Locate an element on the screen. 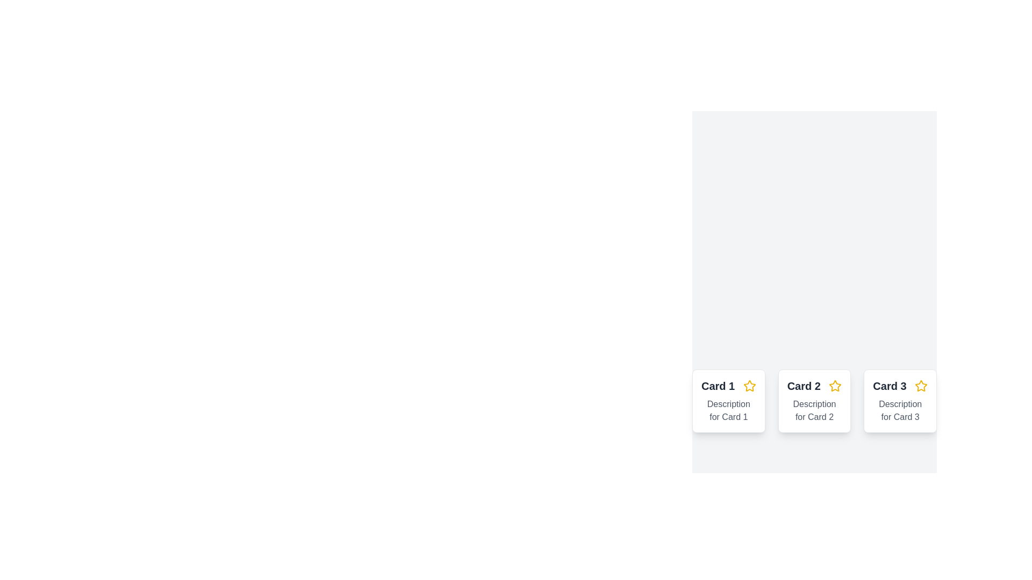 The height and width of the screenshot is (580, 1032). the yellow star icon located to the right of the text 'Card 2' in the middle card of a set of three horizontally aligned cards is located at coordinates (835, 385).